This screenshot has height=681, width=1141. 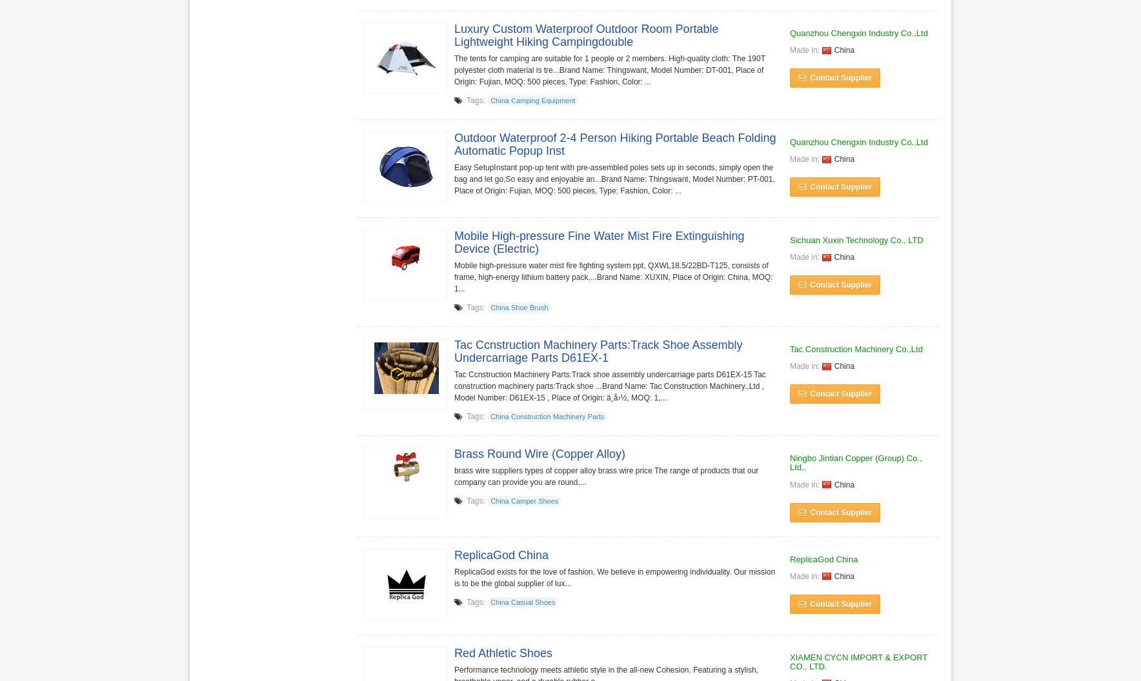 What do you see at coordinates (454, 143) in the screenshot?
I see `'Outdoor Waterproof 2-4 Person Hiking Portable Beach Folding Automatic Popup Inst'` at bounding box center [454, 143].